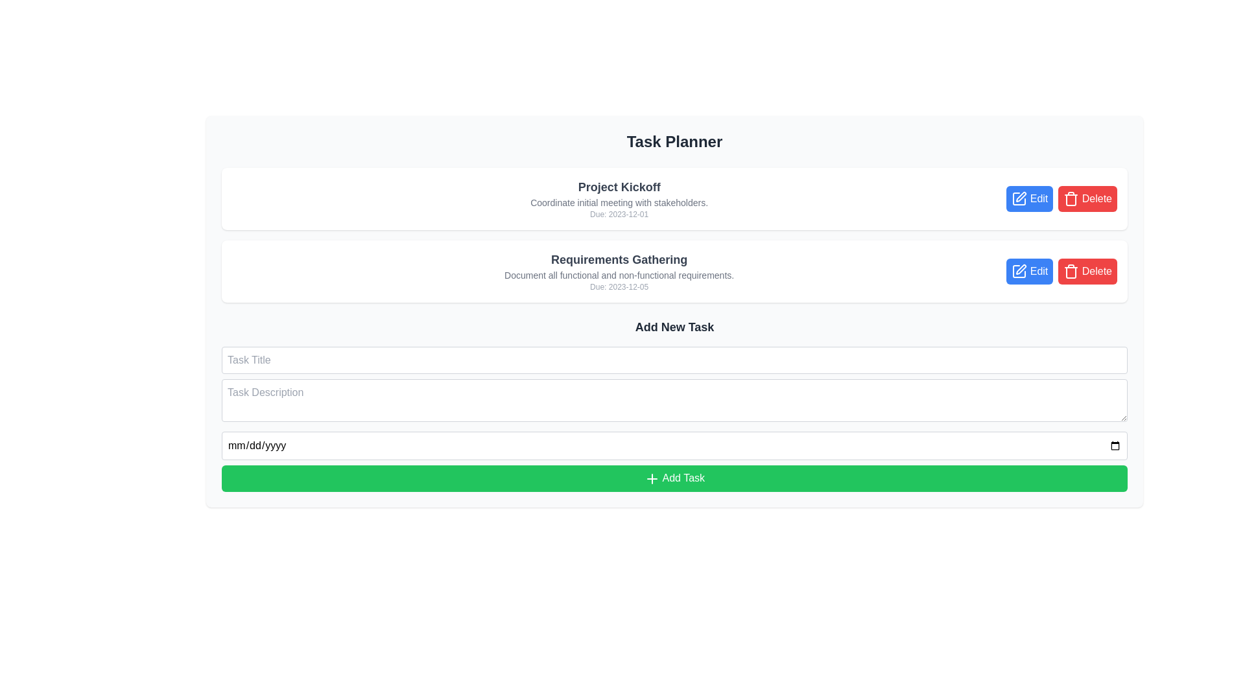 Image resolution: width=1245 pixels, height=700 pixels. Describe the element at coordinates (619, 271) in the screenshot. I see `the text within the Text Content Block that displays task details, including the title, description, and due date, for further actions` at that location.